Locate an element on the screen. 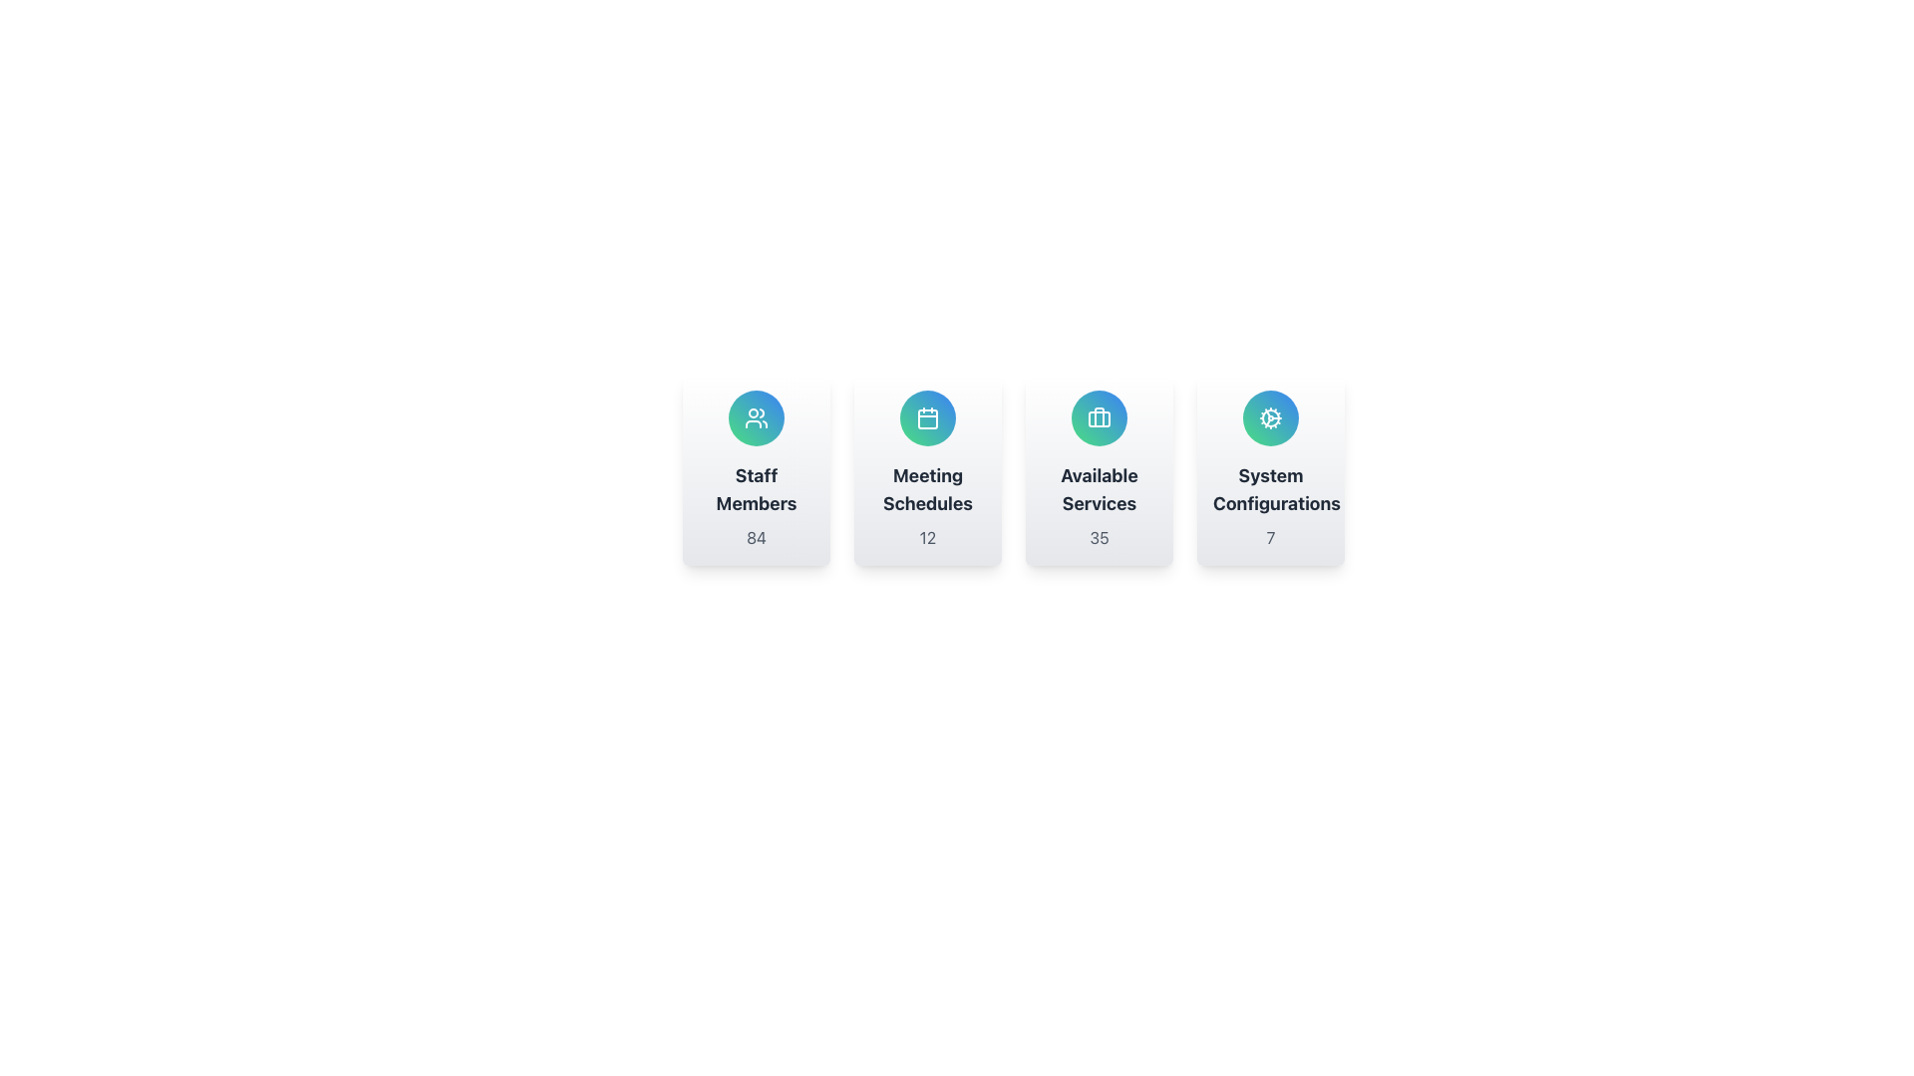  the configuration icon located at the top-center of the 'System Configurations' card, which is the fourth card in a series is located at coordinates (1270, 417).